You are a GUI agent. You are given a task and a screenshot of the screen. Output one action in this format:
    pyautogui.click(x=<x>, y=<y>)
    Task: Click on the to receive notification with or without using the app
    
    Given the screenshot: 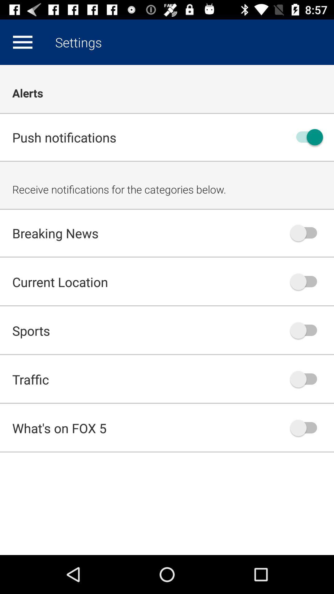 What is the action you would take?
    pyautogui.click(x=306, y=137)
    